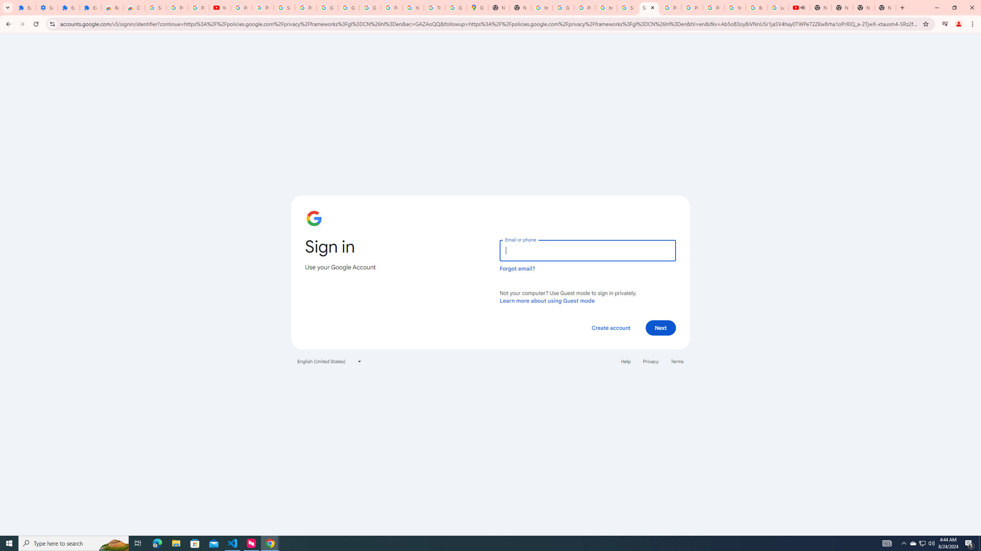  What do you see at coordinates (587, 250) in the screenshot?
I see `'Email or phone'` at bounding box center [587, 250].